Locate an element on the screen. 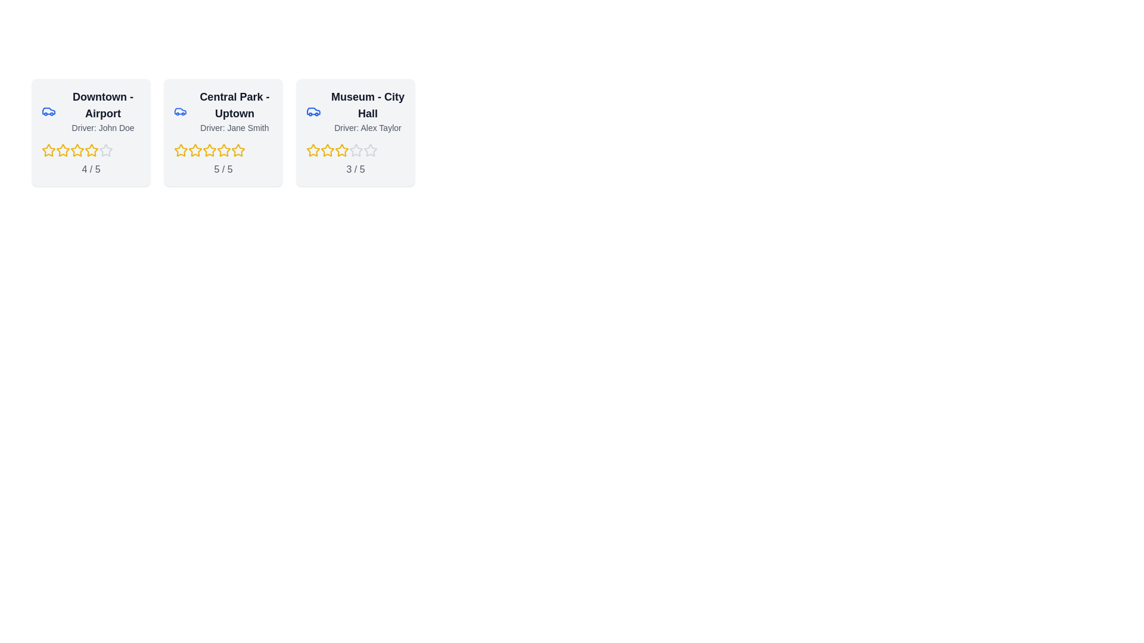 The image size is (1144, 643). the ride card corresponding to the ride with location Central Park - Uptown to view its hover effect is located at coordinates (223, 133).